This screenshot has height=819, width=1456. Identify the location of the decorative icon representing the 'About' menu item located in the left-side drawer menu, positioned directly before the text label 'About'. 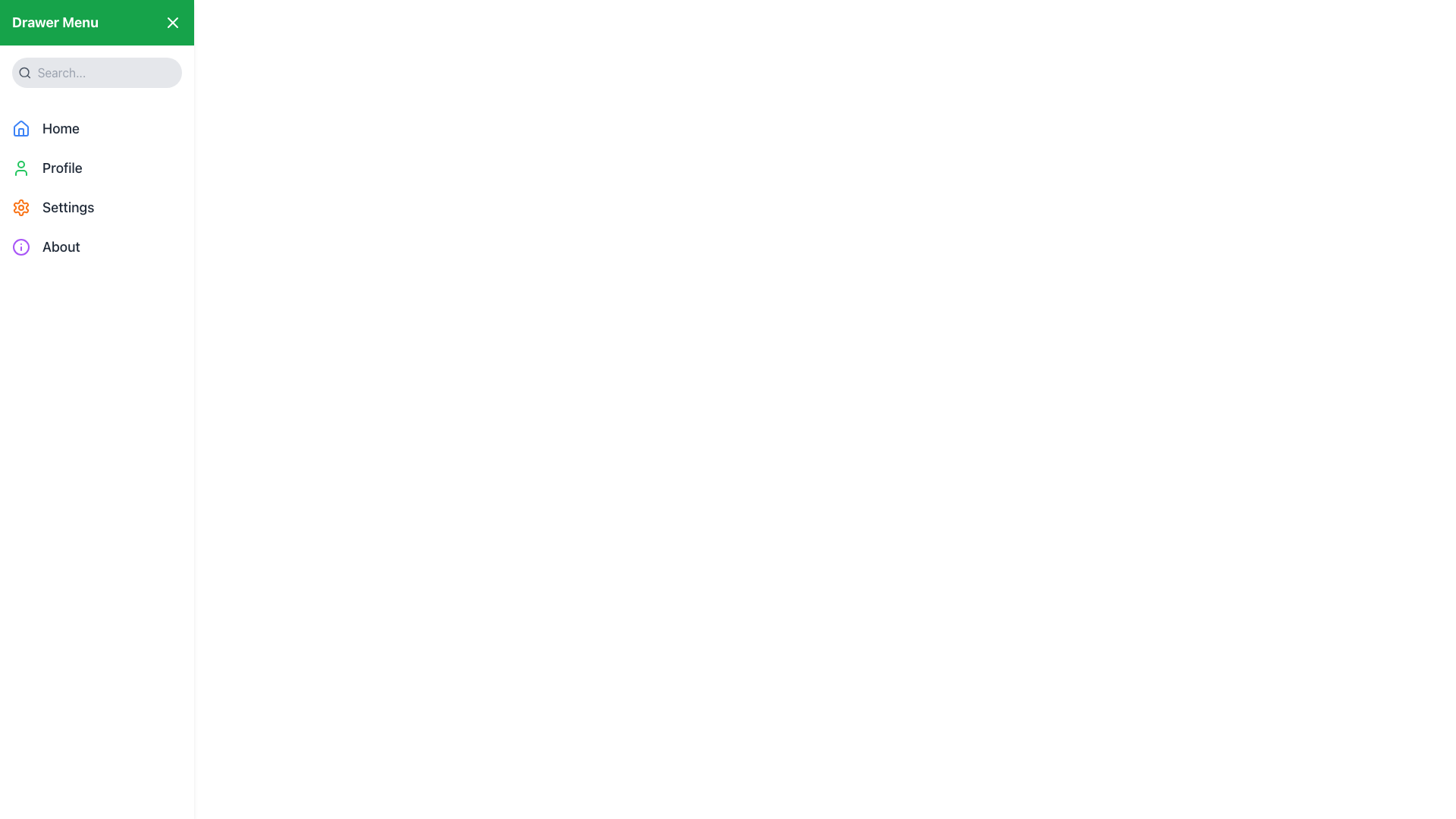
(21, 246).